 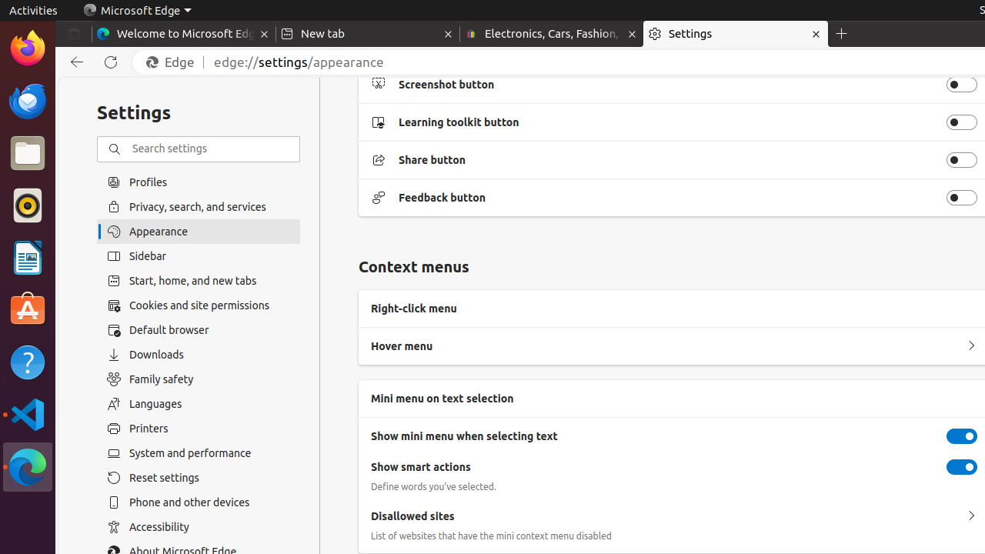 I want to click on 'Back', so click(x=73, y=62).